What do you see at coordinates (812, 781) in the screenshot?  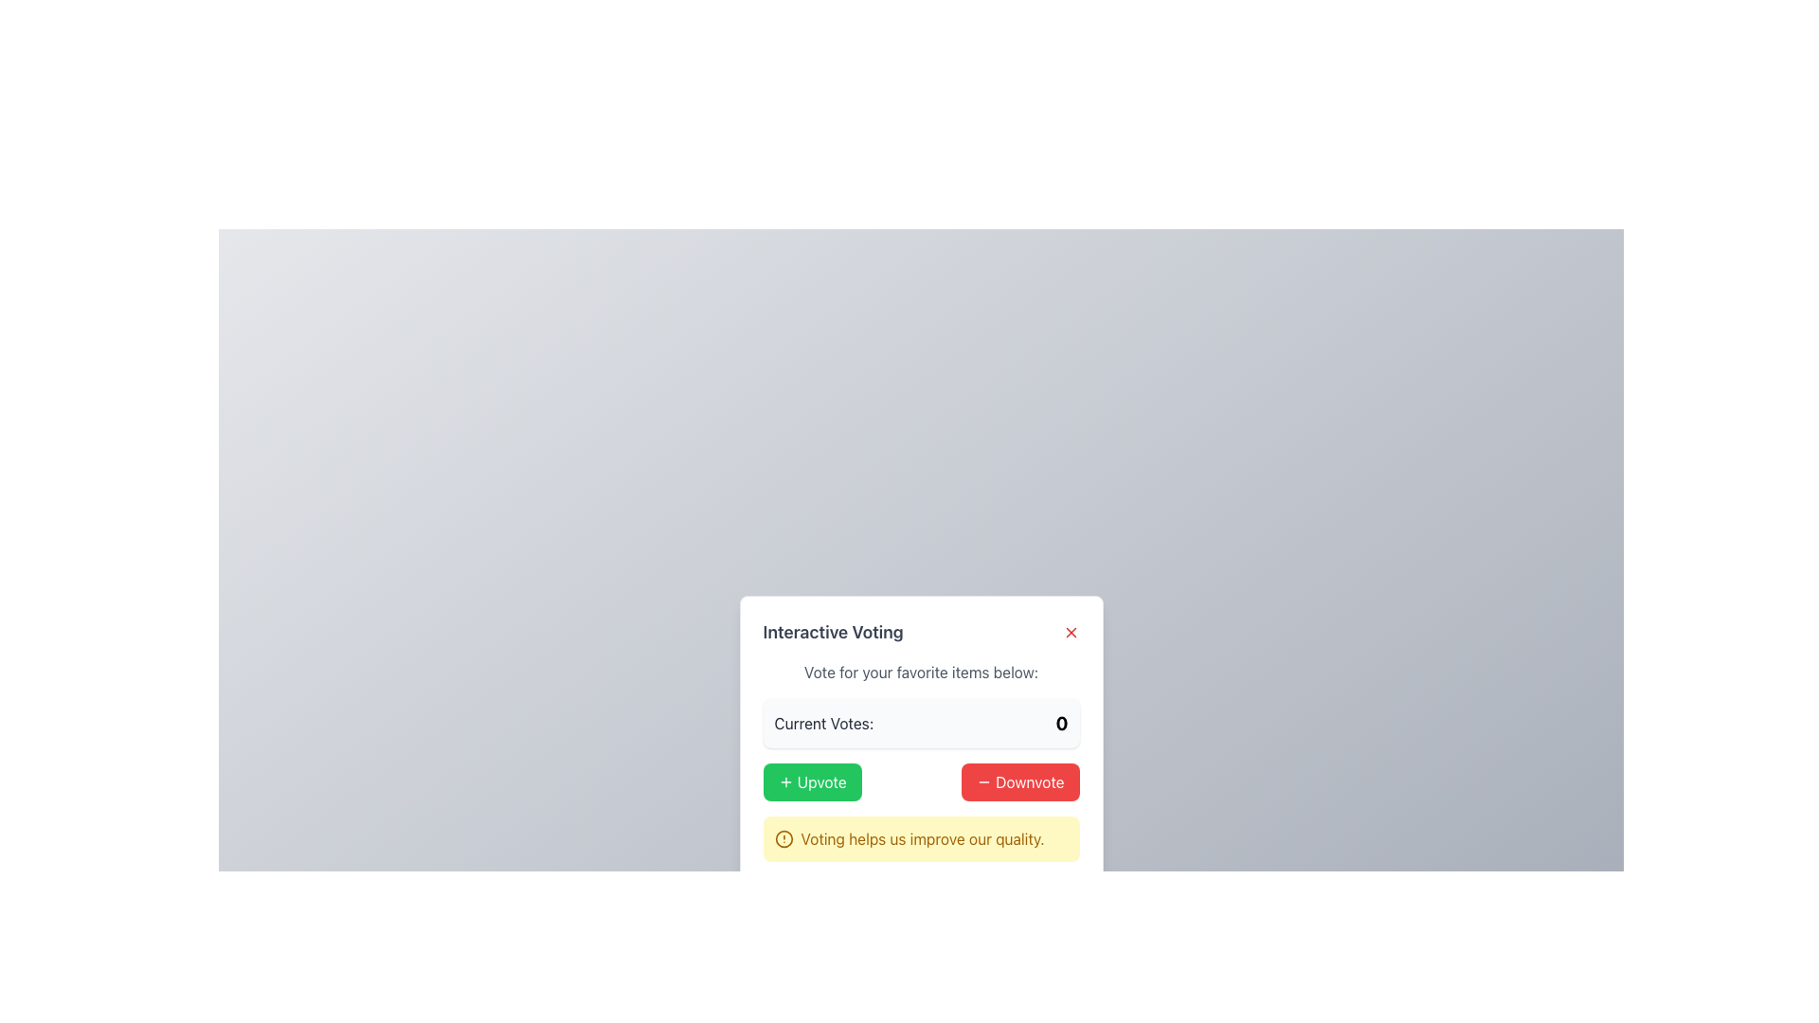 I see `the upvote button located in the 'Interactive Voting' section, positioned to the left of the '- Downvote' red button, for keyboard navigation` at bounding box center [812, 781].